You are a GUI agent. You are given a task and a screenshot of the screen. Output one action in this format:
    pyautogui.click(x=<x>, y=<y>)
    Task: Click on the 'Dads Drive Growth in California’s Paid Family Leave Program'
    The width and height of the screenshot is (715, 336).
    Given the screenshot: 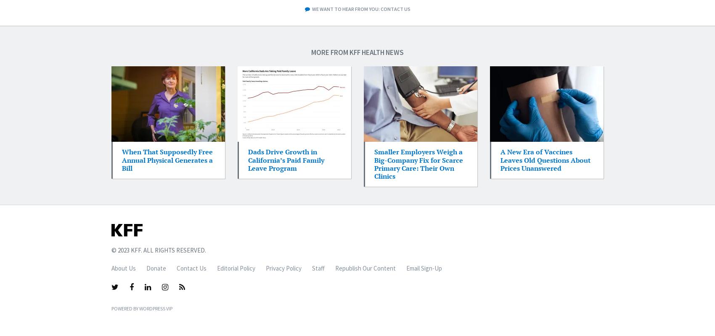 What is the action you would take?
    pyautogui.click(x=248, y=160)
    